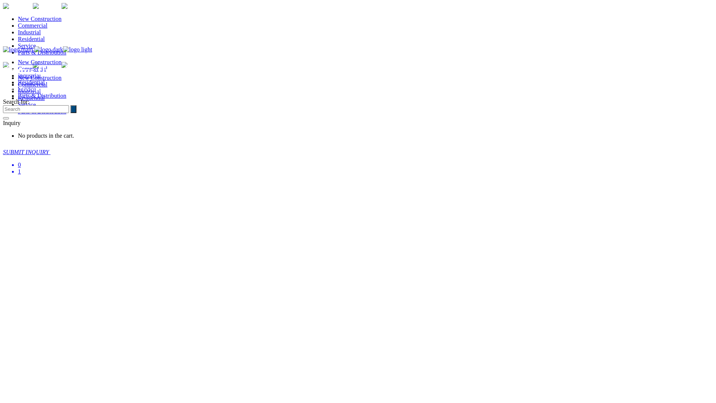 This screenshot has height=403, width=716. Describe the element at coordinates (32, 69) in the screenshot. I see `'Commercial'` at that location.